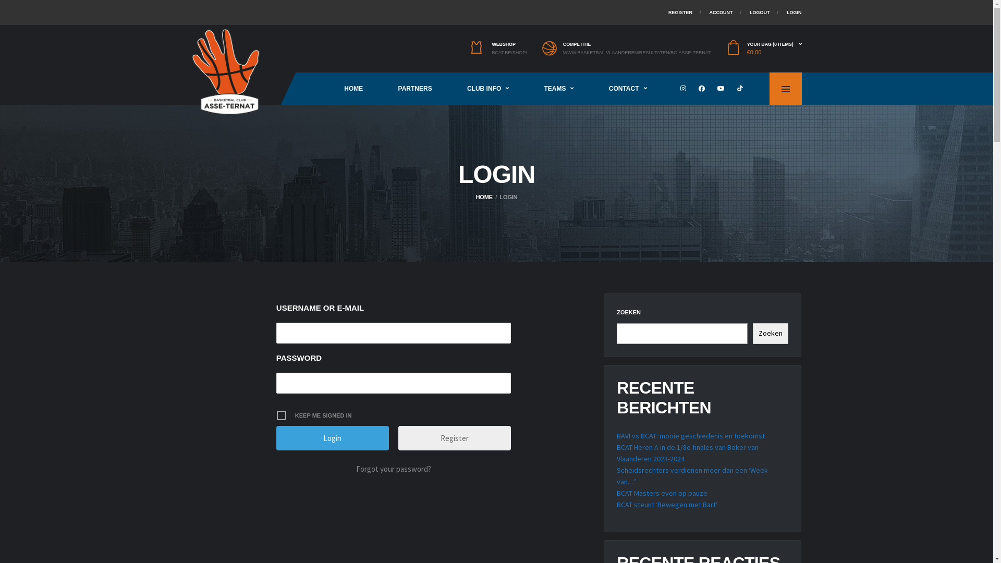 Image resolution: width=1001 pixels, height=563 pixels. Describe the element at coordinates (475, 197) in the screenshot. I see `'HOME'` at that location.